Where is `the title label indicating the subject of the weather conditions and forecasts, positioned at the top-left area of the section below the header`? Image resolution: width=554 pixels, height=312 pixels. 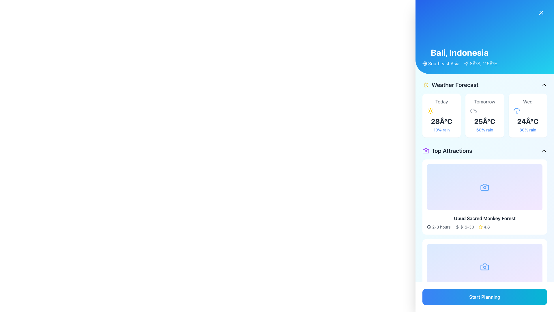
the title label indicating the subject of the weather conditions and forecasts, positioned at the top-left area of the section below the header is located at coordinates (450, 85).